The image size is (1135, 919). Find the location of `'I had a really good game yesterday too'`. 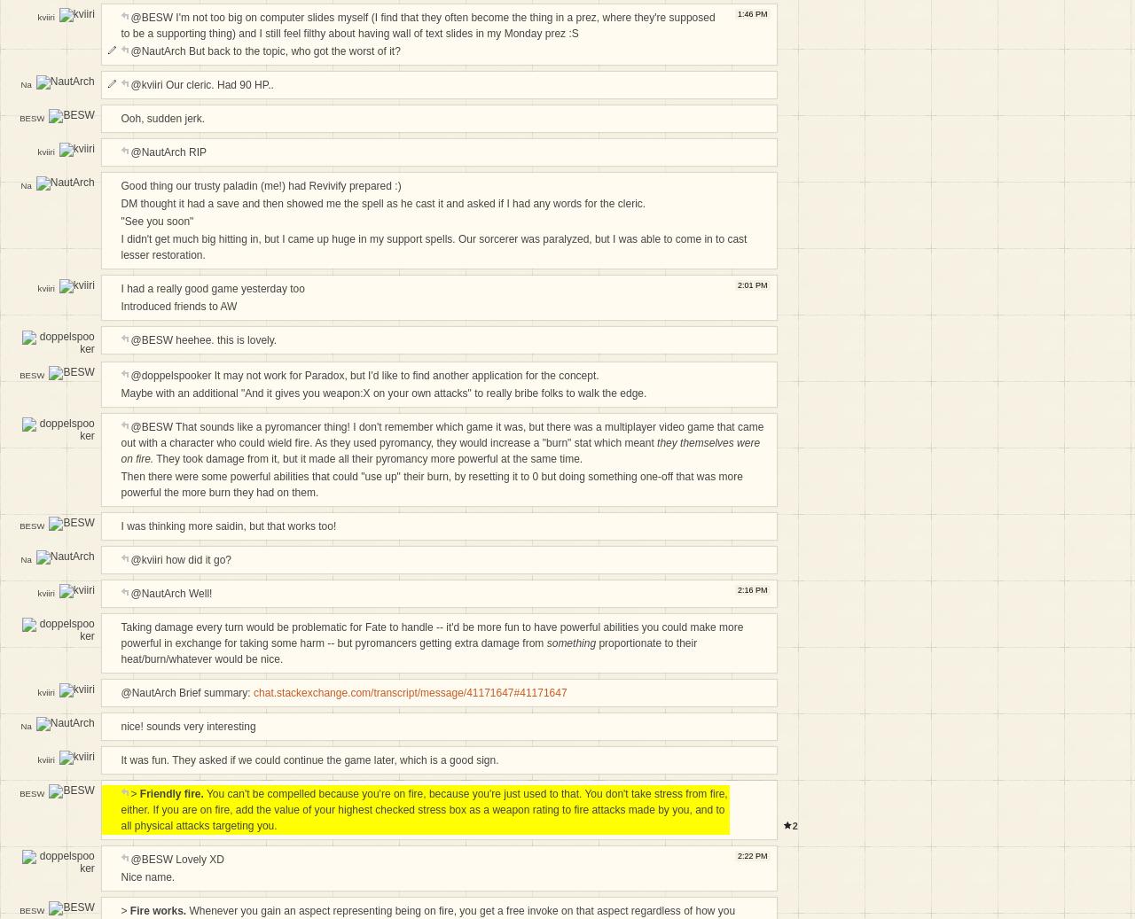

'I had a really good game yesterday too' is located at coordinates (212, 288).